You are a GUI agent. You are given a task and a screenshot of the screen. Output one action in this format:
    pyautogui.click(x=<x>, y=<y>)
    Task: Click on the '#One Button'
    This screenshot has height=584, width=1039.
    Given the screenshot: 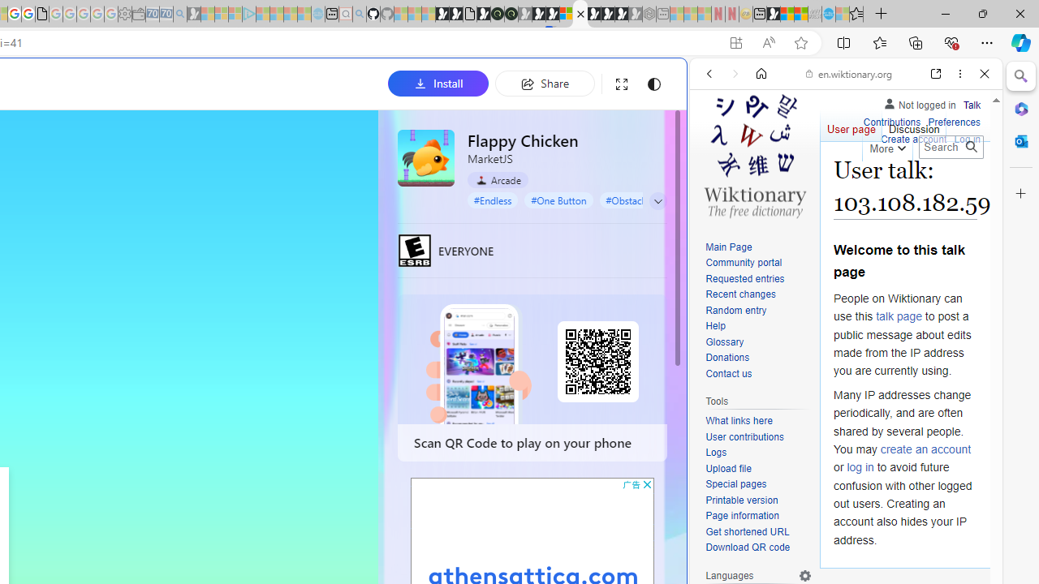 What is the action you would take?
    pyautogui.click(x=558, y=199)
    